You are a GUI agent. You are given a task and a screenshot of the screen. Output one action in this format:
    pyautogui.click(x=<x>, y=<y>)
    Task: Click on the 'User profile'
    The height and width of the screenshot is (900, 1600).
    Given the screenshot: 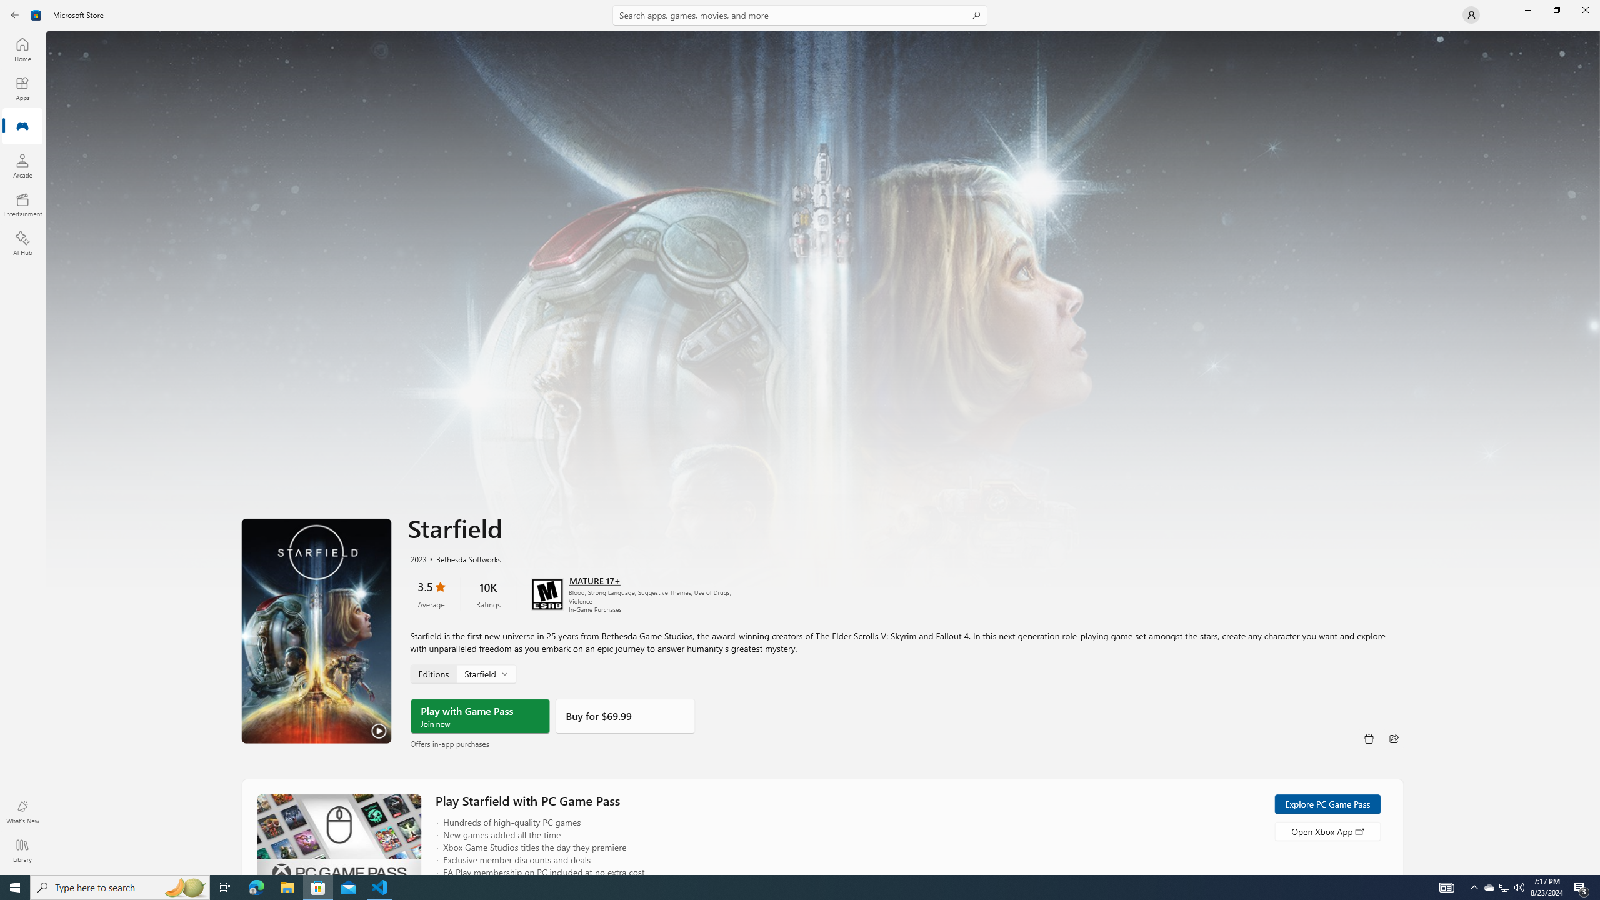 What is the action you would take?
    pyautogui.click(x=1470, y=14)
    